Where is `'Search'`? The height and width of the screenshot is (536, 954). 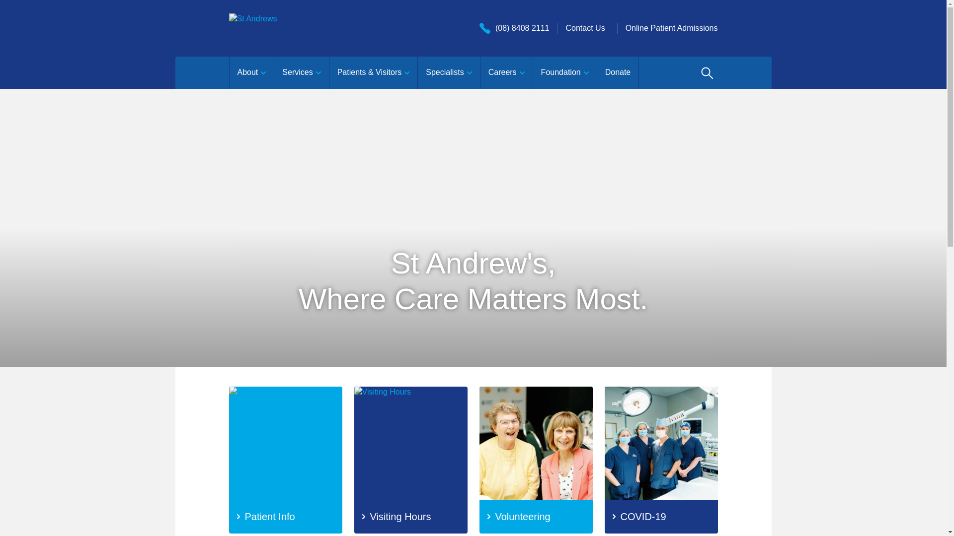 'Search' is located at coordinates (706, 72).